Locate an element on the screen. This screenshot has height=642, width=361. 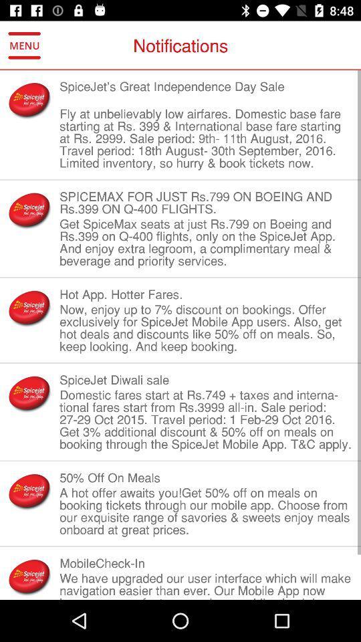
fly at unbelievably item is located at coordinates (206, 138).